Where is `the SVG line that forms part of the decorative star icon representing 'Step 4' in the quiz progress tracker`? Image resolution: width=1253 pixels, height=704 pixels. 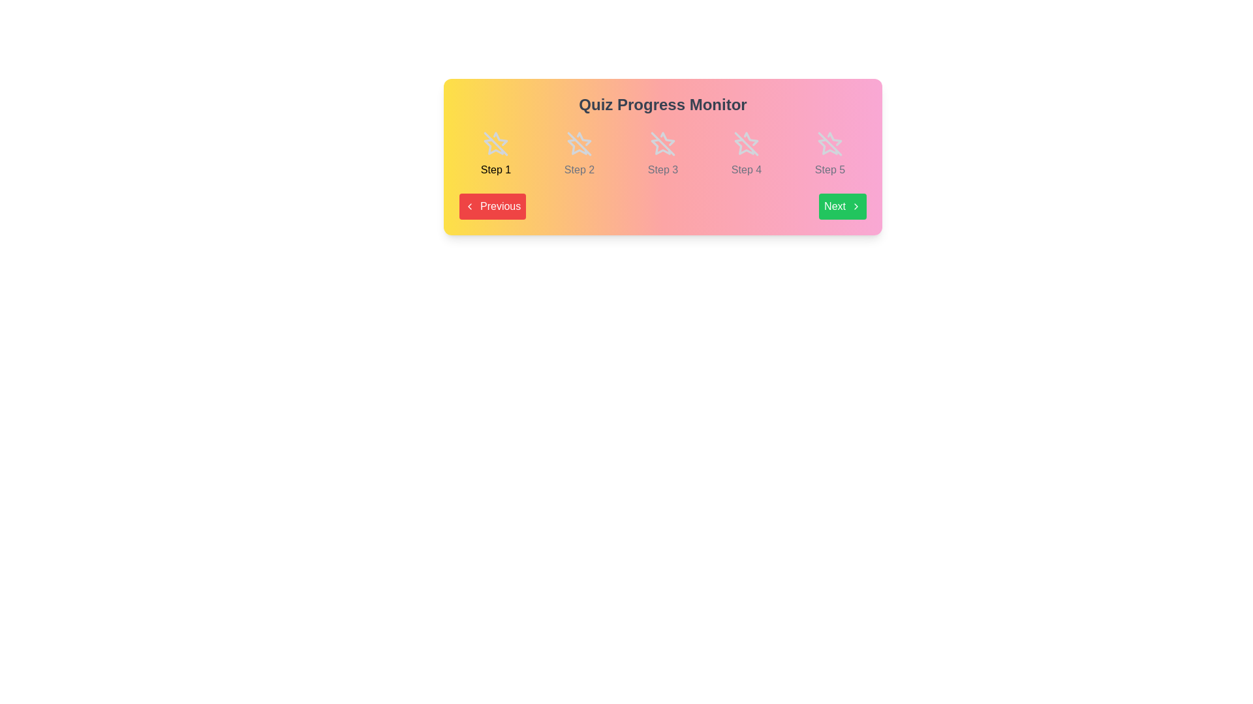
the SVG line that forms part of the decorative star icon representing 'Step 4' in the quiz progress tracker is located at coordinates (746, 143).